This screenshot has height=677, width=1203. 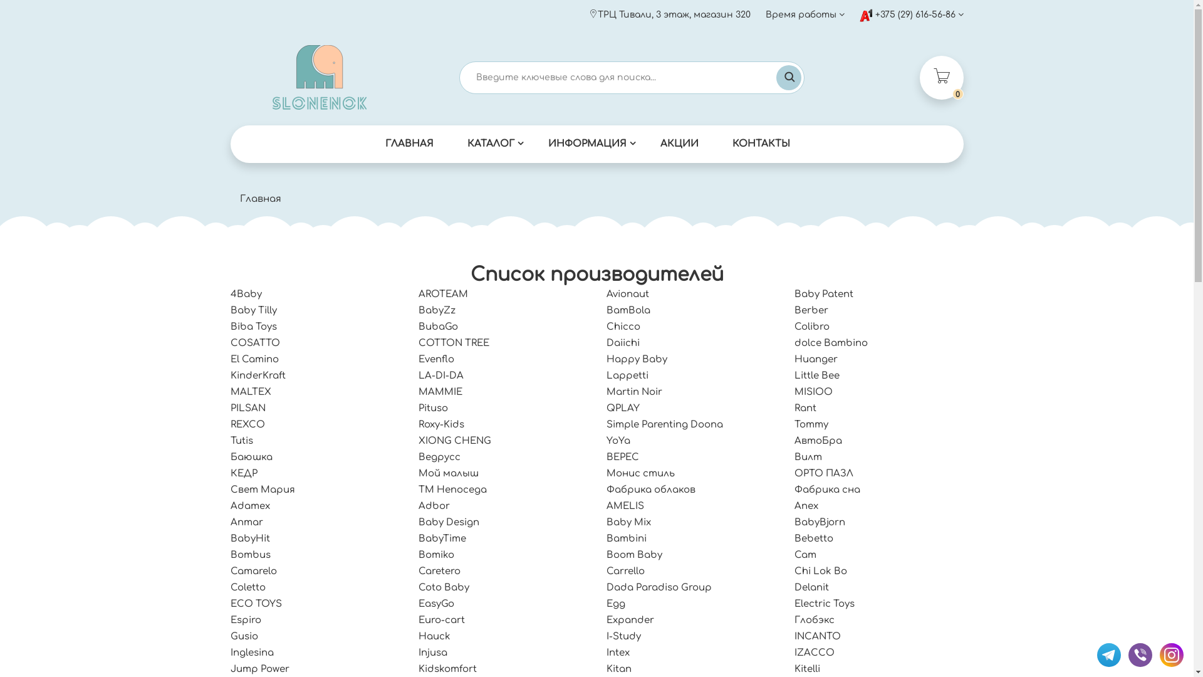 I want to click on 'COTTON TREE', so click(x=453, y=343).